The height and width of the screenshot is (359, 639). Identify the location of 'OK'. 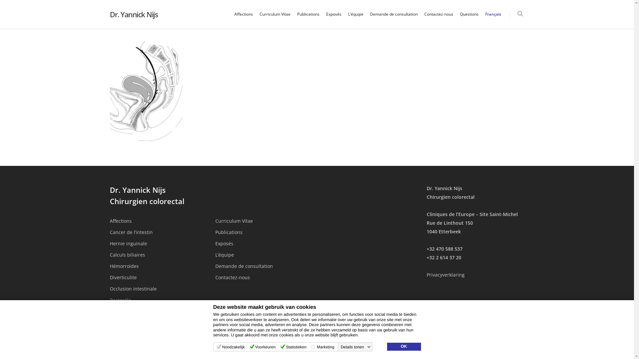
(403, 346).